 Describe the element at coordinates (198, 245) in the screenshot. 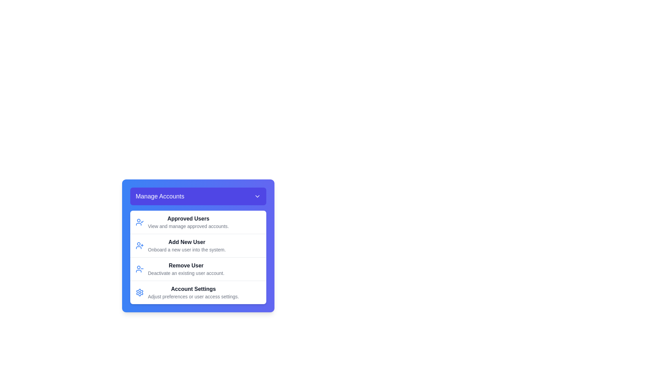

I see `the 'Add New User' option in the user management panel` at that location.